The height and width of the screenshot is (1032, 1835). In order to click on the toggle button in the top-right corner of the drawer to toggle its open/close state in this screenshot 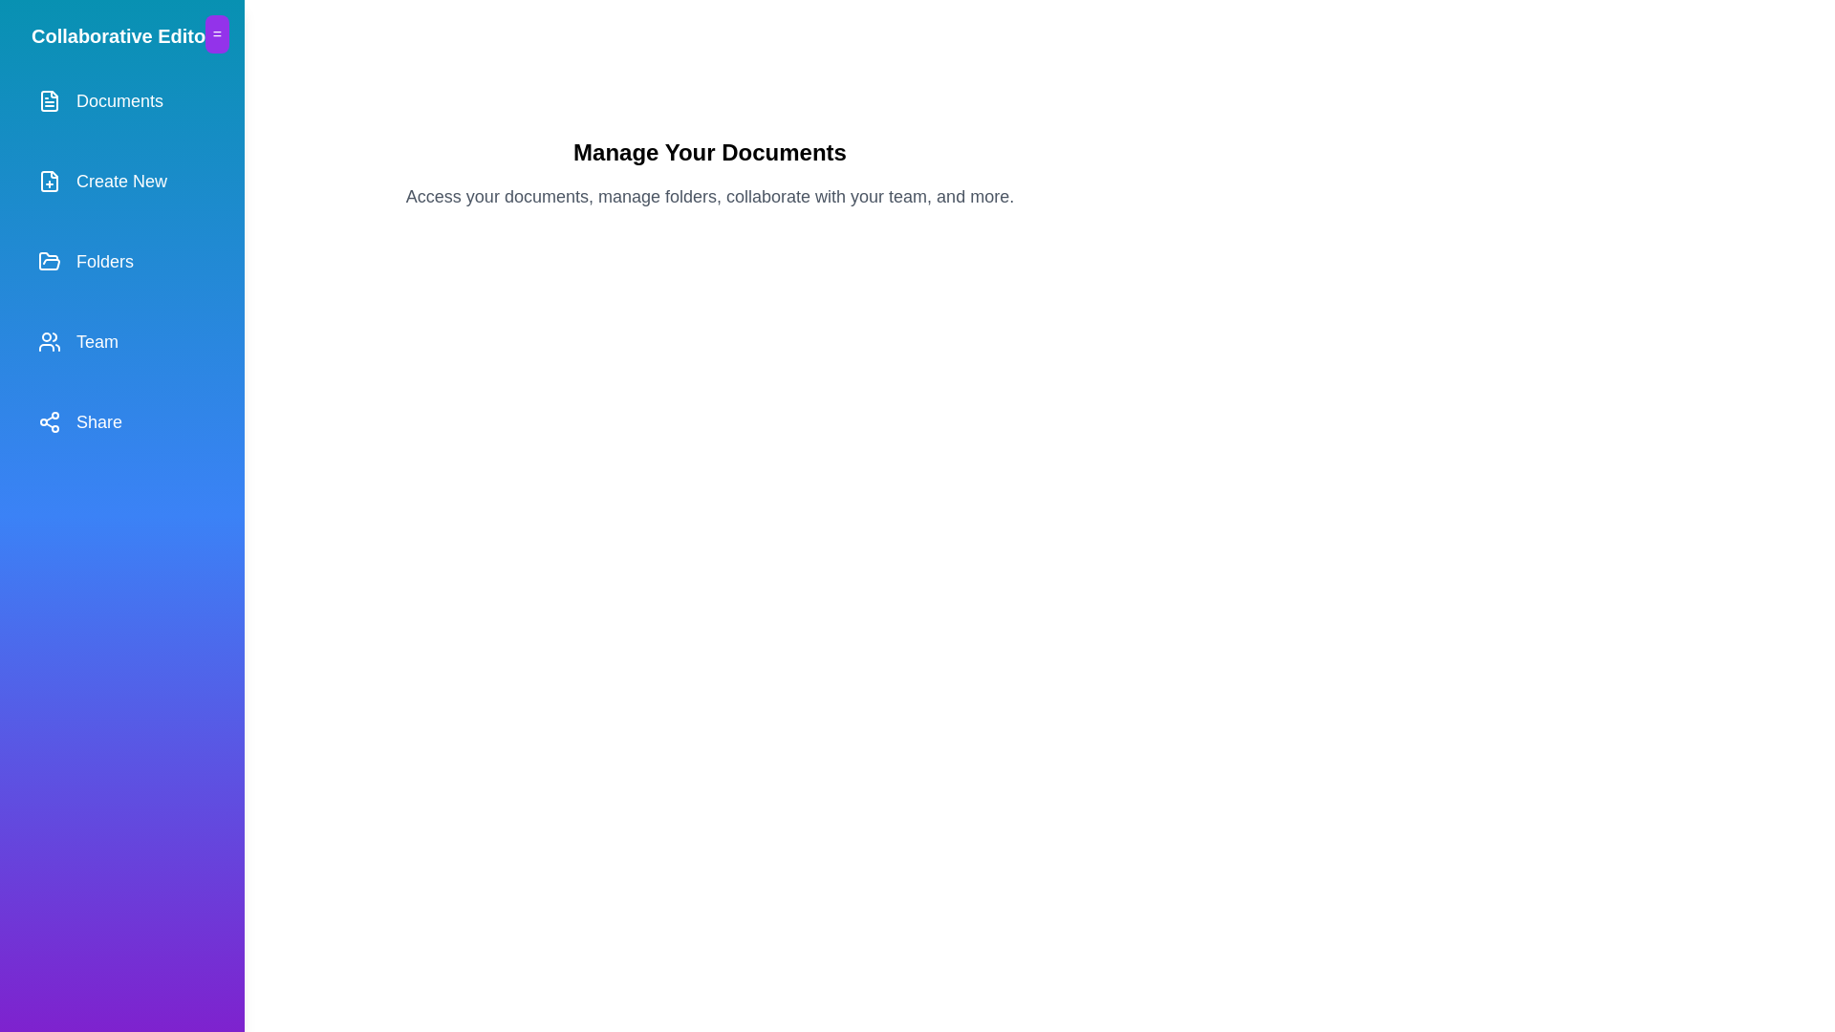, I will do `click(216, 33)`.